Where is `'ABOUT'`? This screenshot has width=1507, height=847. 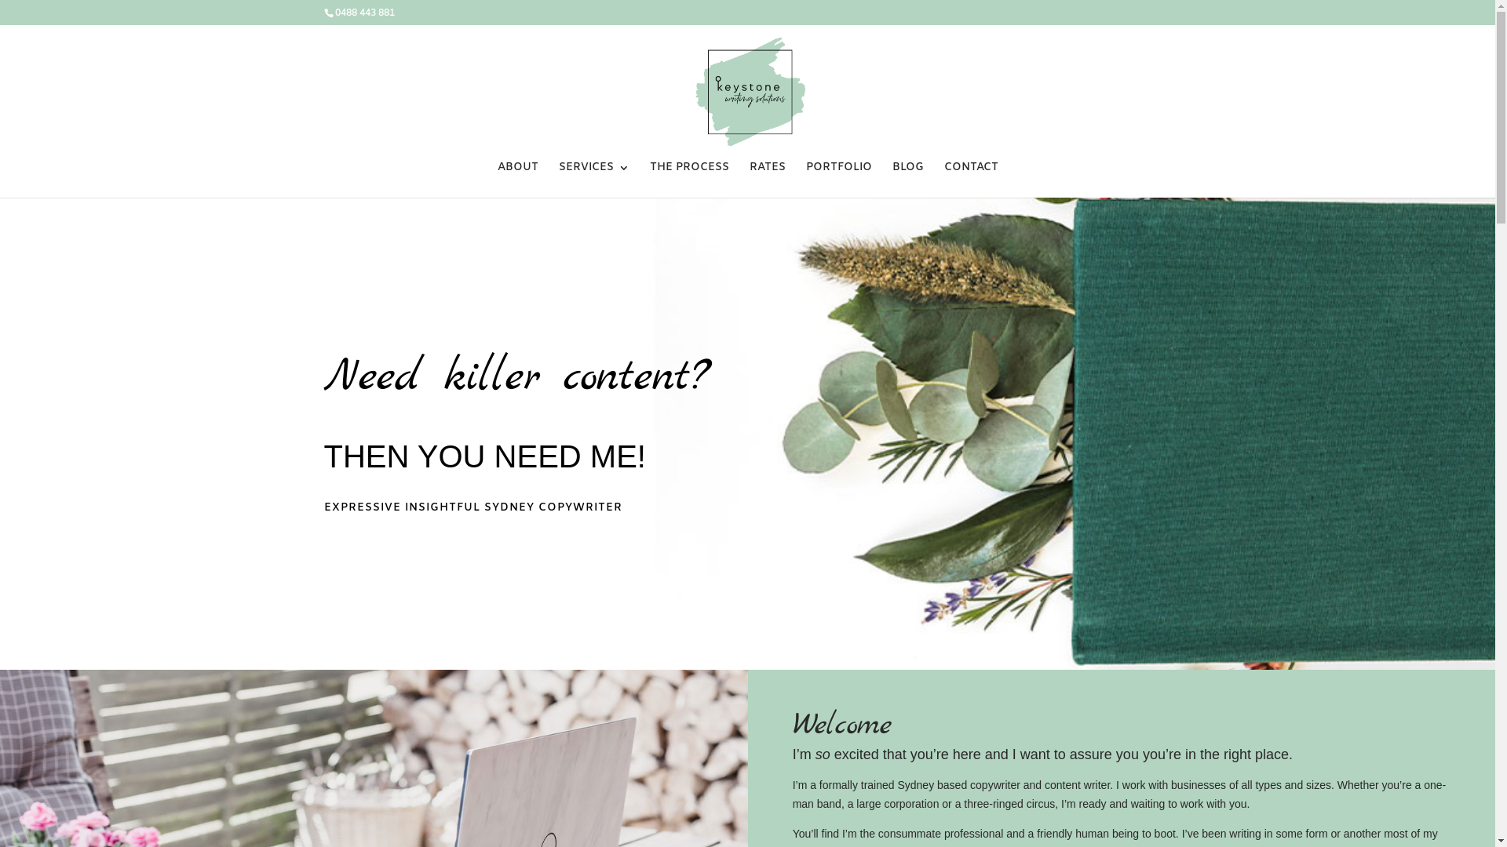
'ABOUT' is located at coordinates (496, 179).